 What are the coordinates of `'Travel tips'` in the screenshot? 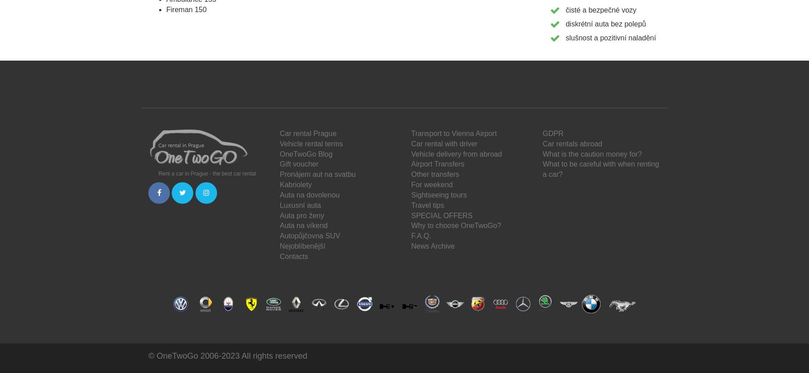 It's located at (427, 204).